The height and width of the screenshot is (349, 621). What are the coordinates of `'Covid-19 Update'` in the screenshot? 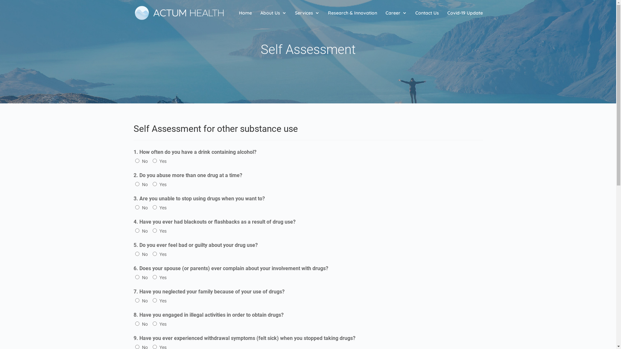 It's located at (464, 18).